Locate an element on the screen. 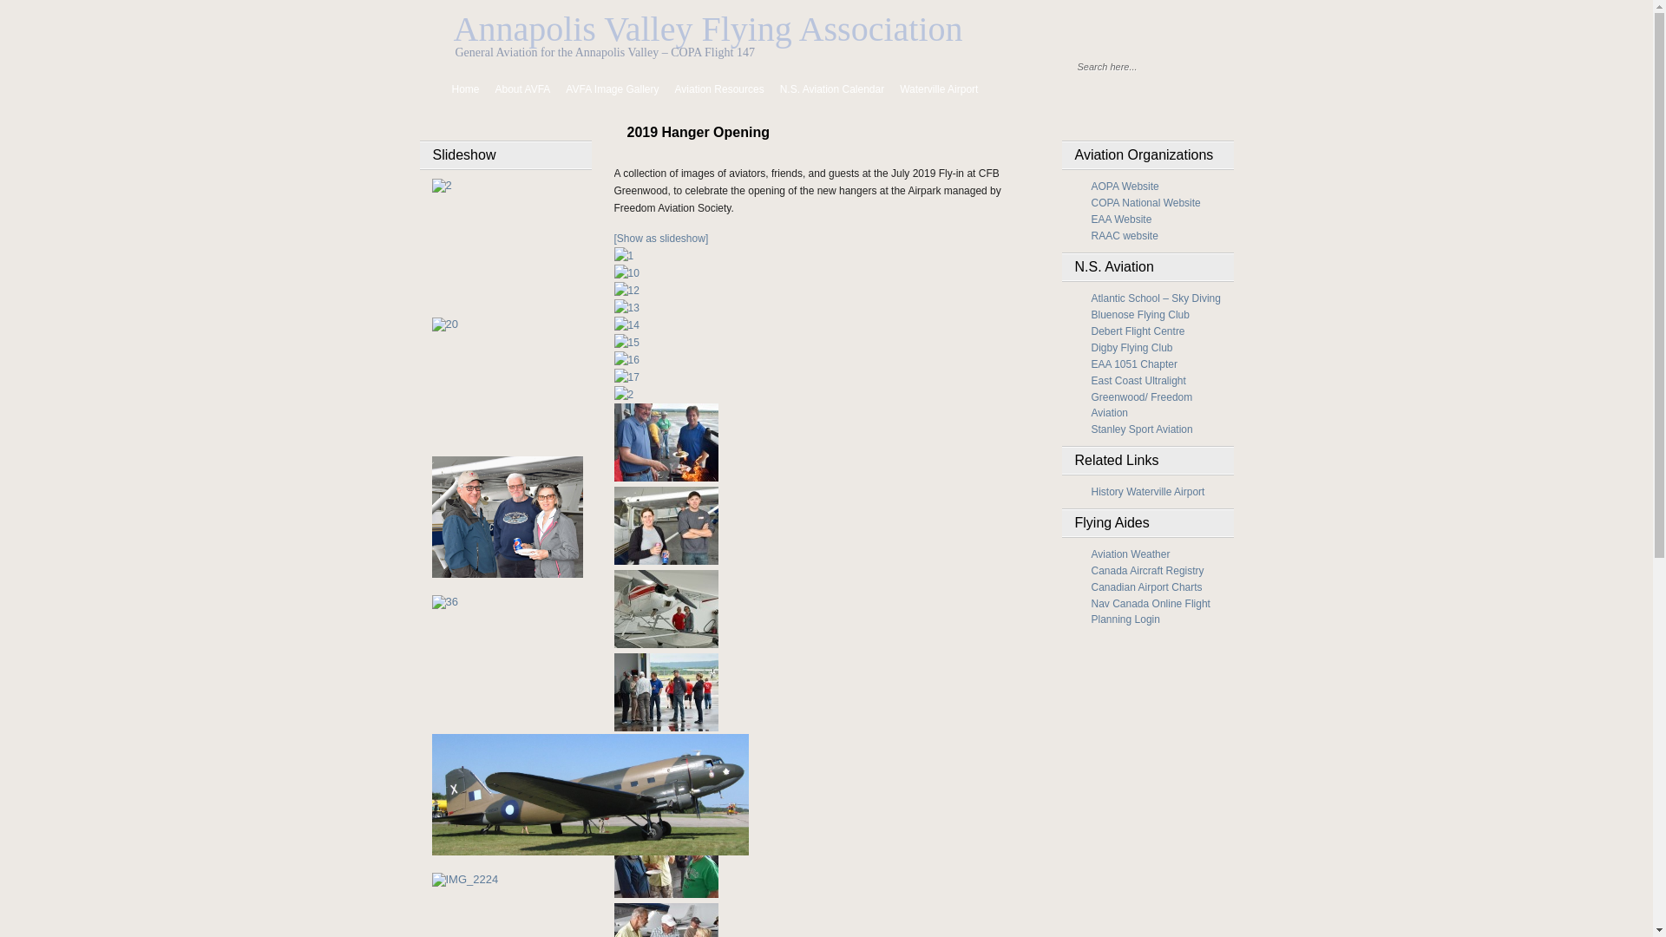 The width and height of the screenshot is (1666, 937). 'COPA National Website' is located at coordinates (1090, 202).